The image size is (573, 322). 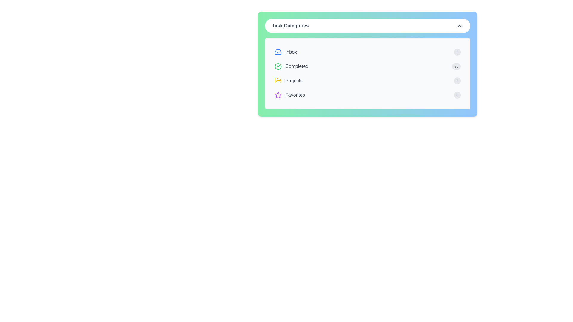 What do you see at coordinates (278, 52) in the screenshot?
I see `the blue mailbox inbox icon located at the top-left corner of the 'Inbox' row in the 'Task Categories' section to interact with the 'Inbox' category` at bounding box center [278, 52].